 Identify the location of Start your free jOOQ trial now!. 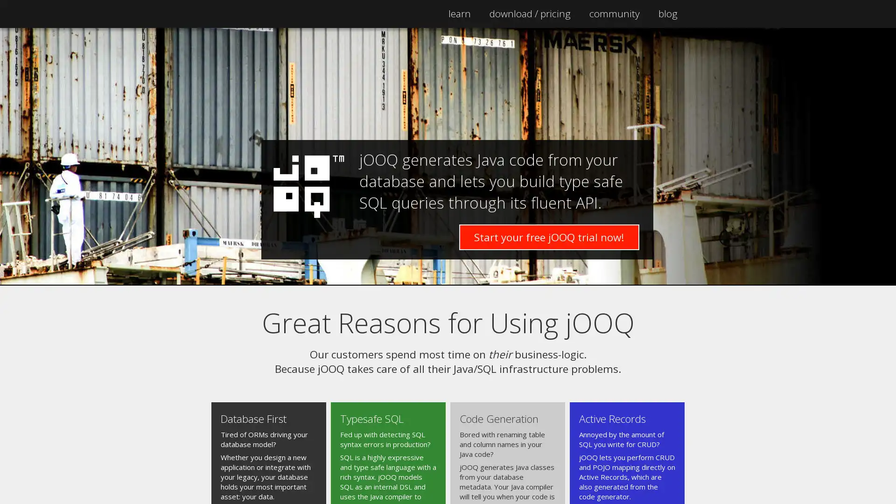
(549, 237).